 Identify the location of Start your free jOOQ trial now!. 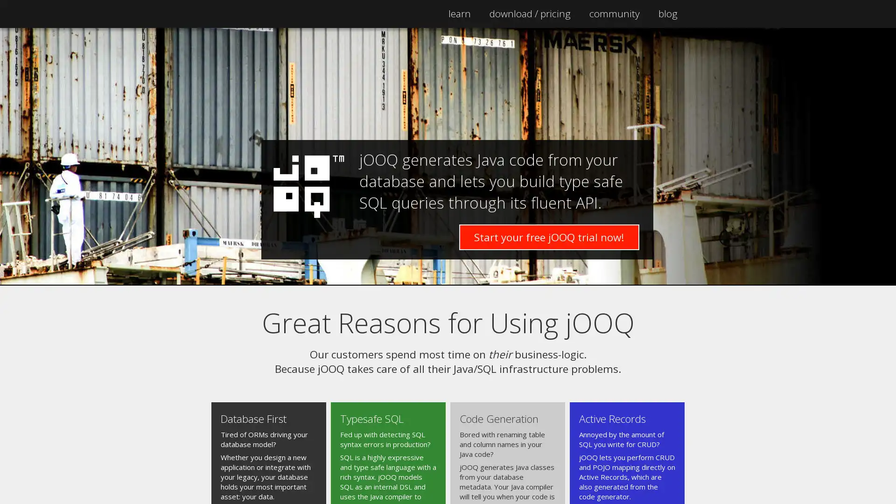
(549, 237).